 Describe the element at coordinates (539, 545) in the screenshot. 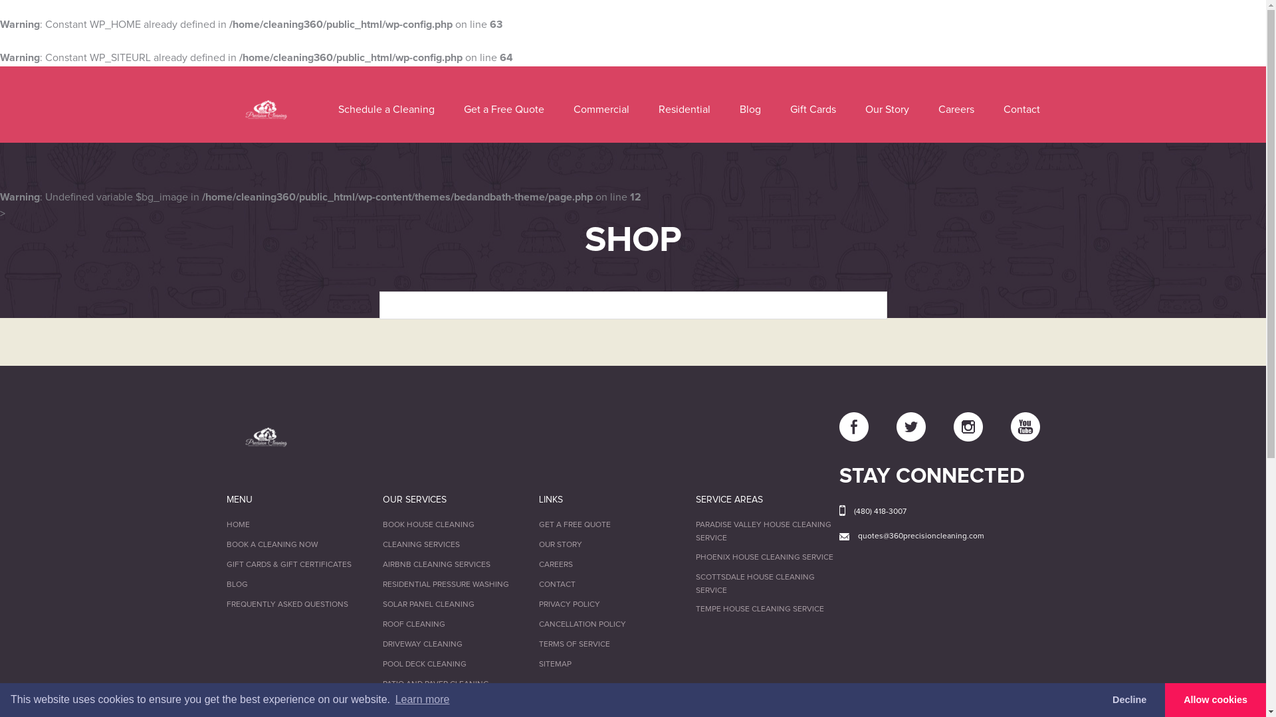

I see `'OUR STORY'` at that location.